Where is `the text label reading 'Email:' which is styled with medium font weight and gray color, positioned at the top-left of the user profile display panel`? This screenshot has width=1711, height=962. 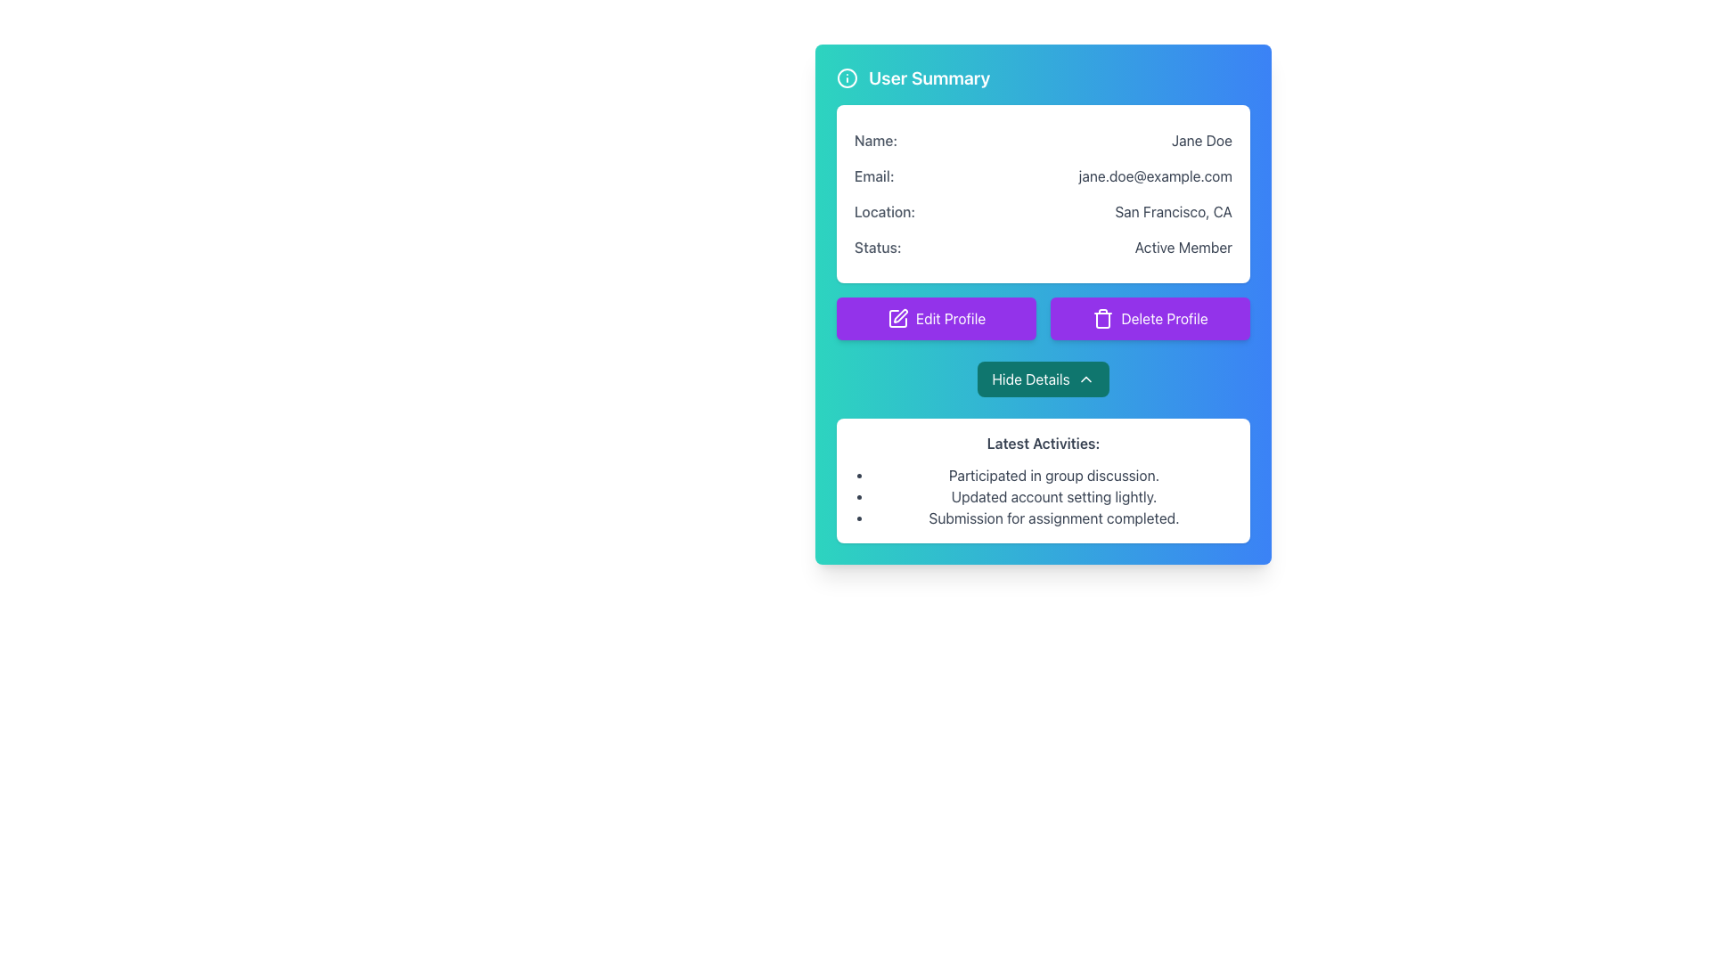 the text label reading 'Email:' which is styled with medium font weight and gray color, positioned at the top-left of the user profile display panel is located at coordinates (874, 175).